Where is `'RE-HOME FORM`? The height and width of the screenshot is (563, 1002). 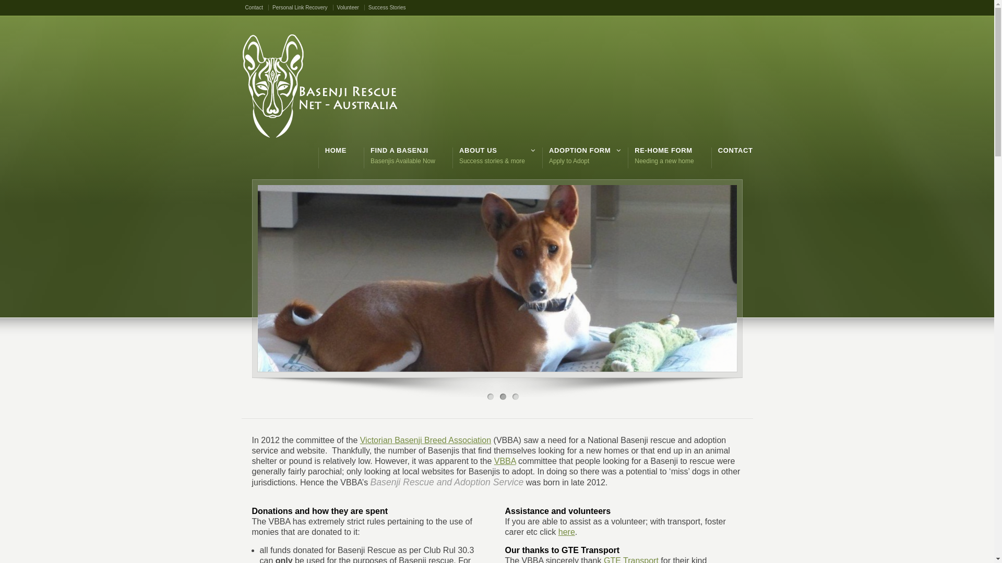
'RE-HOME FORM is located at coordinates (663, 155).